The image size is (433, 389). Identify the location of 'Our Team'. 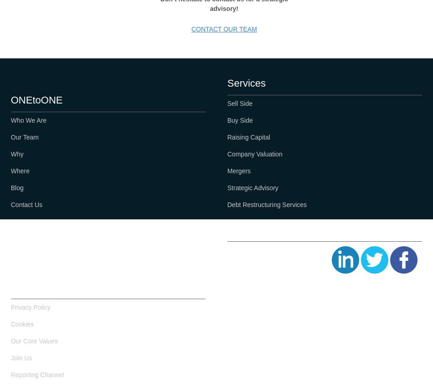
(24, 137).